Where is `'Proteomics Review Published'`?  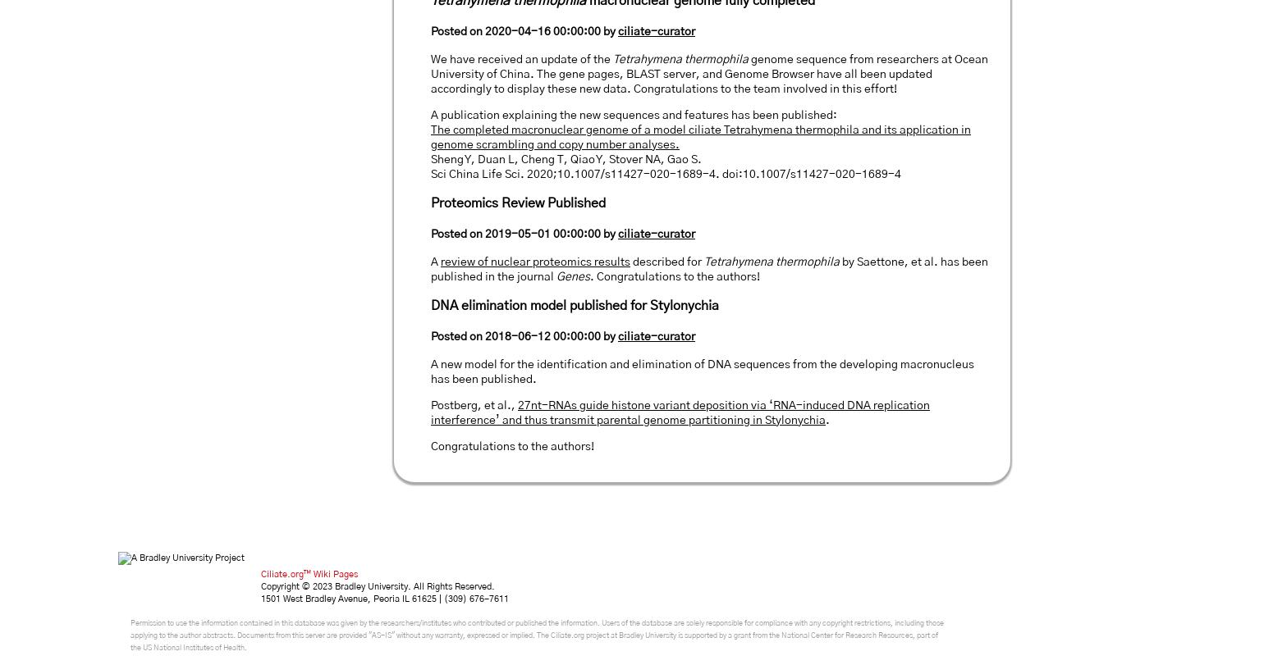 'Proteomics Review Published' is located at coordinates (517, 203).